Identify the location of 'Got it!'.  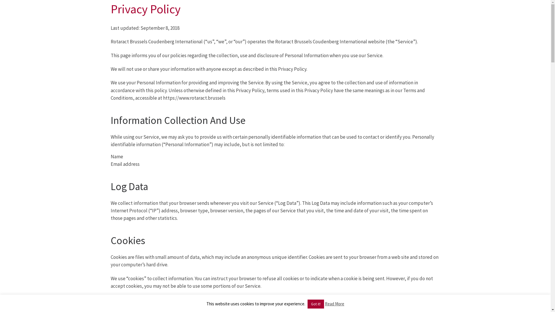
(307, 304).